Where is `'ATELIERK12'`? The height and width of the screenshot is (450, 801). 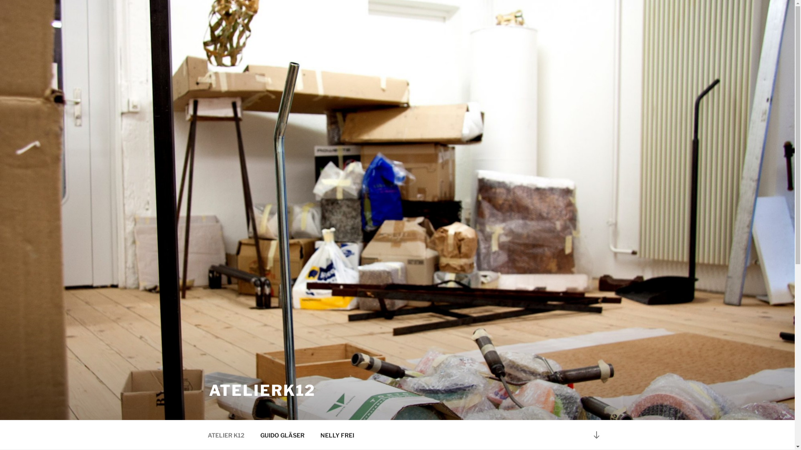 'ATELIERK12' is located at coordinates (262, 390).